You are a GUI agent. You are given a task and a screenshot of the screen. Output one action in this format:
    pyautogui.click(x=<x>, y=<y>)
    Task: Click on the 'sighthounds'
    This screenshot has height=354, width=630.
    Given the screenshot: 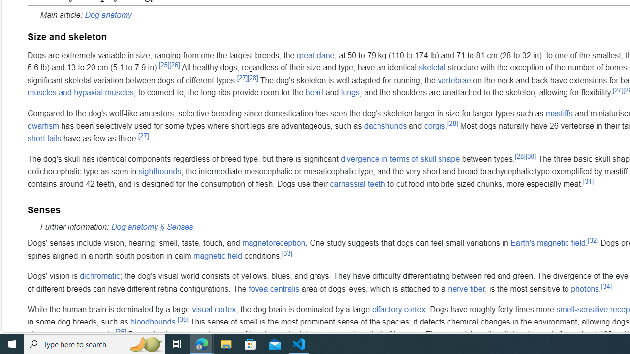 What is the action you would take?
    pyautogui.click(x=160, y=171)
    